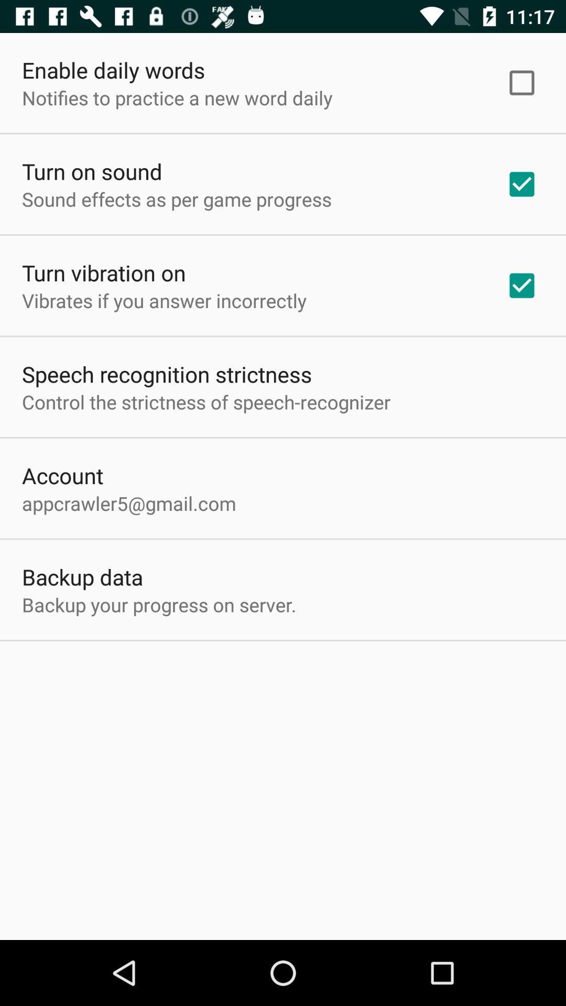 The image size is (566, 1006). Describe the element at coordinates (128, 503) in the screenshot. I see `the icon below account` at that location.